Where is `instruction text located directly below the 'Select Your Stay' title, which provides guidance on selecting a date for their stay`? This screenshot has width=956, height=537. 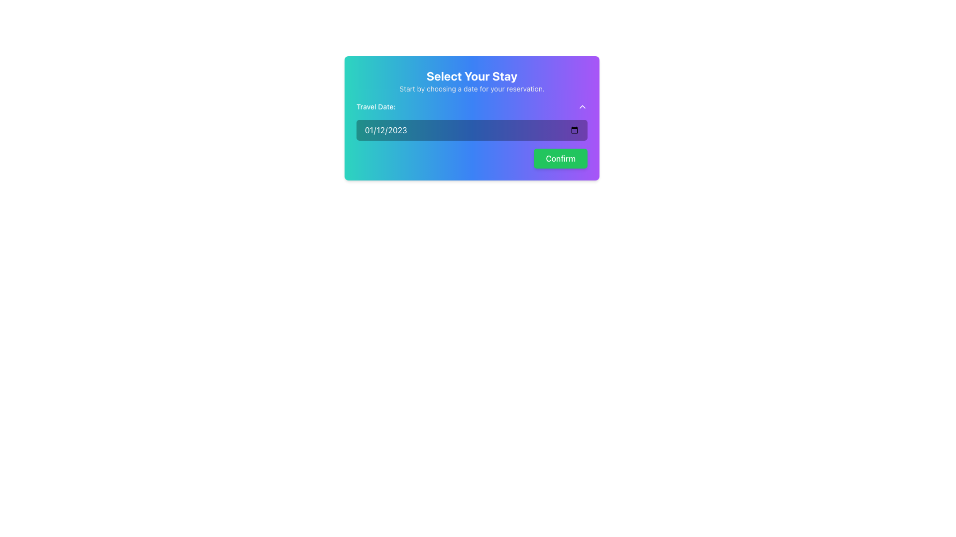 instruction text located directly below the 'Select Your Stay' title, which provides guidance on selecting a date for their stay is located at coordinates (472, 88).